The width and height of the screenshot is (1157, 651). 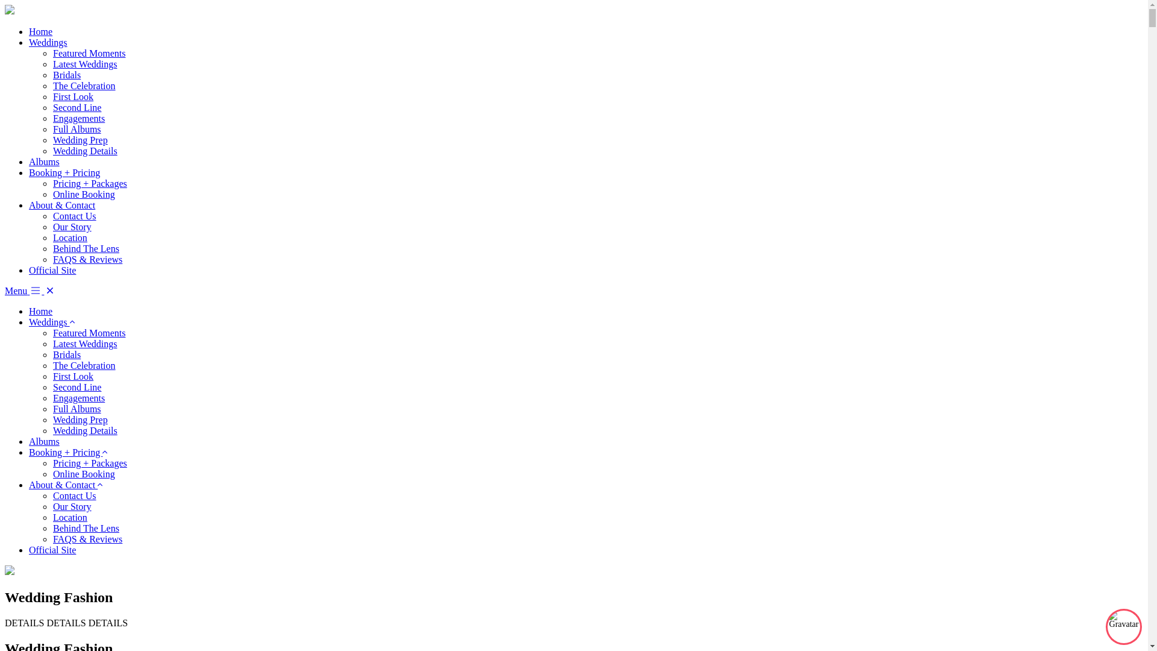 I want to click on 'Engagements', so click(x=78, y=118).